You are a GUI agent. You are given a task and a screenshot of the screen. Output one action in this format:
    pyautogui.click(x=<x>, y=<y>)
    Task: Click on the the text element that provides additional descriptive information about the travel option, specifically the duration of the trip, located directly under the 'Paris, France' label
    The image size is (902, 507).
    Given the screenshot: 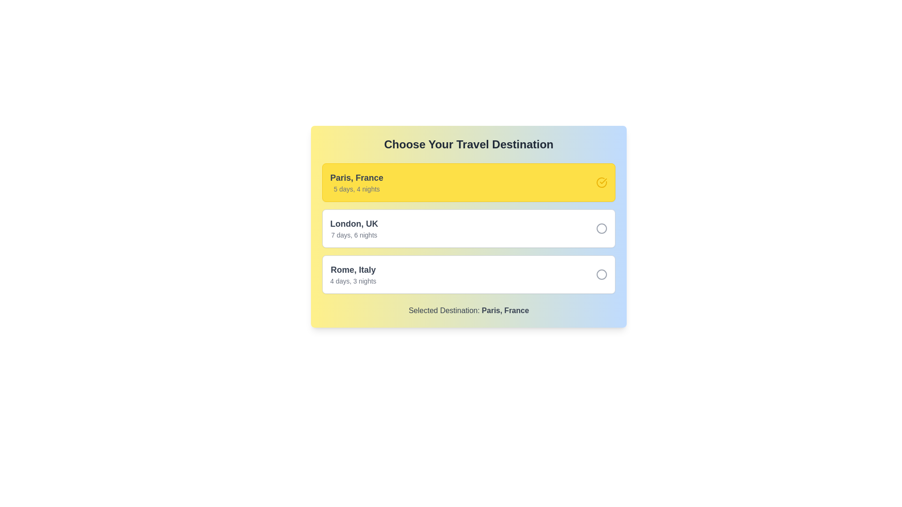 What is the action you would take?
    pyautogui.click(x=356, y=189)
    